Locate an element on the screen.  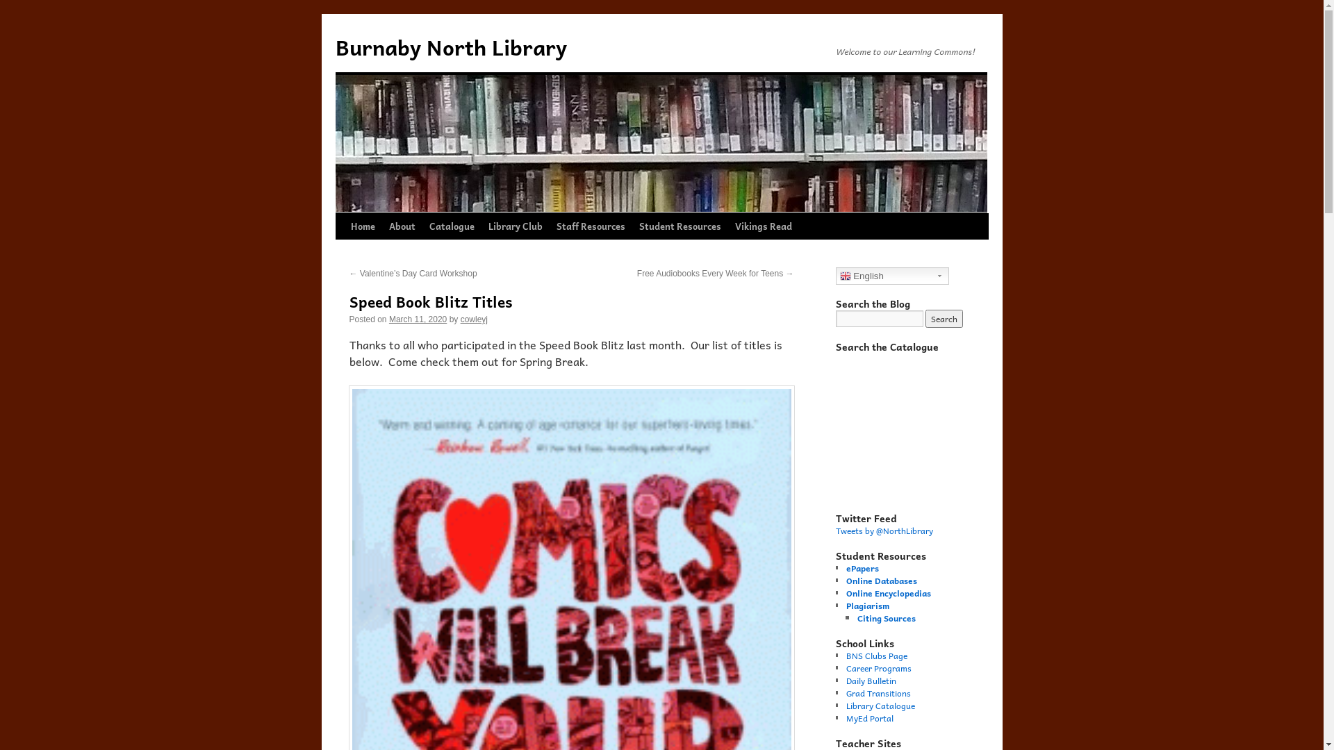
'Home' is located at coordinates (362, 226).